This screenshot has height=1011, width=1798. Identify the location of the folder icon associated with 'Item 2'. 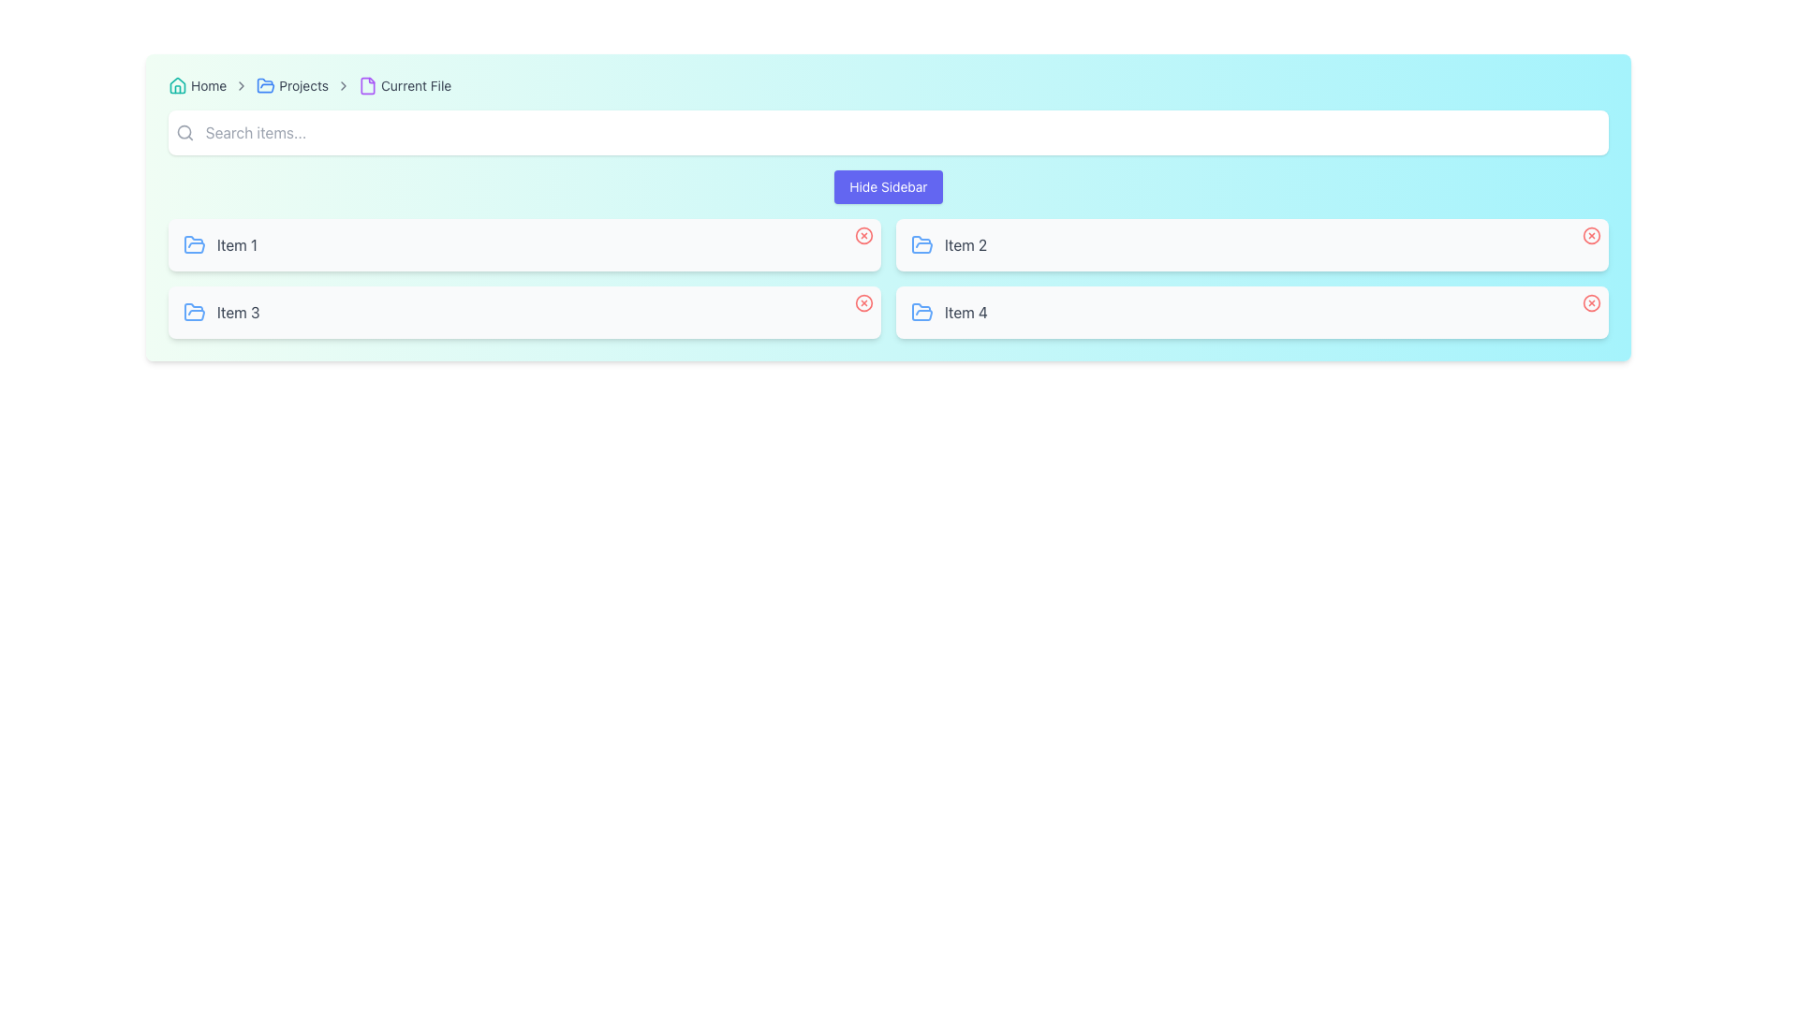
(921, 244).